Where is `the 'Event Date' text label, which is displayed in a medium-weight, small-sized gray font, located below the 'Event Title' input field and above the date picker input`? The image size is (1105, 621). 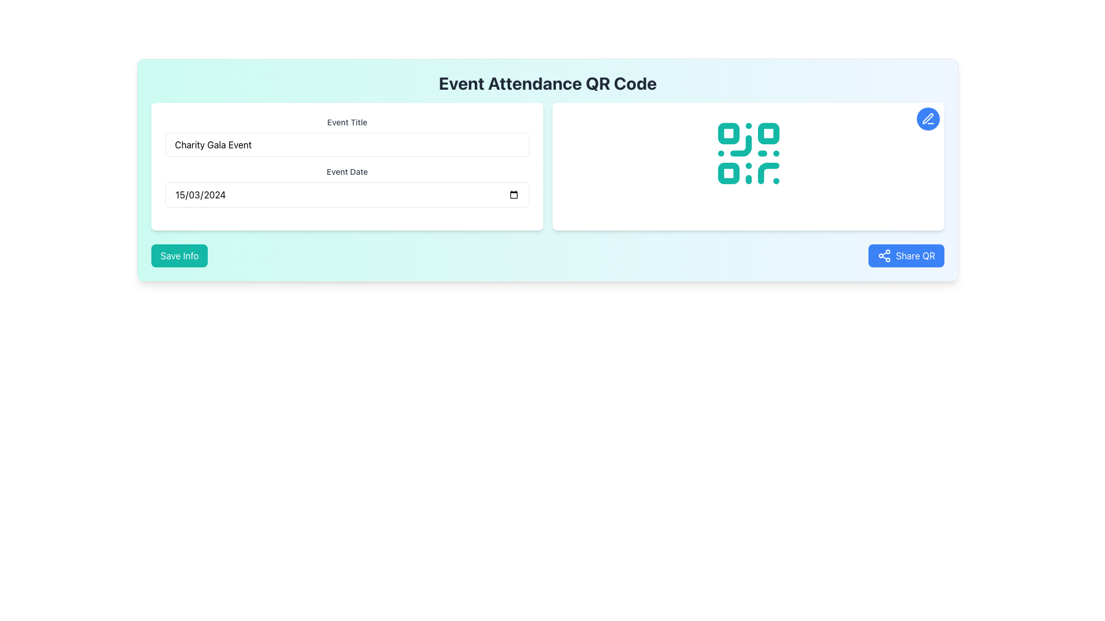 the 'Event Date' text label, which is displayed in a medium-weight, small-sized gray font, located below the 'Event Title' input field and above the date picker input is located at coordinates (346, 172).